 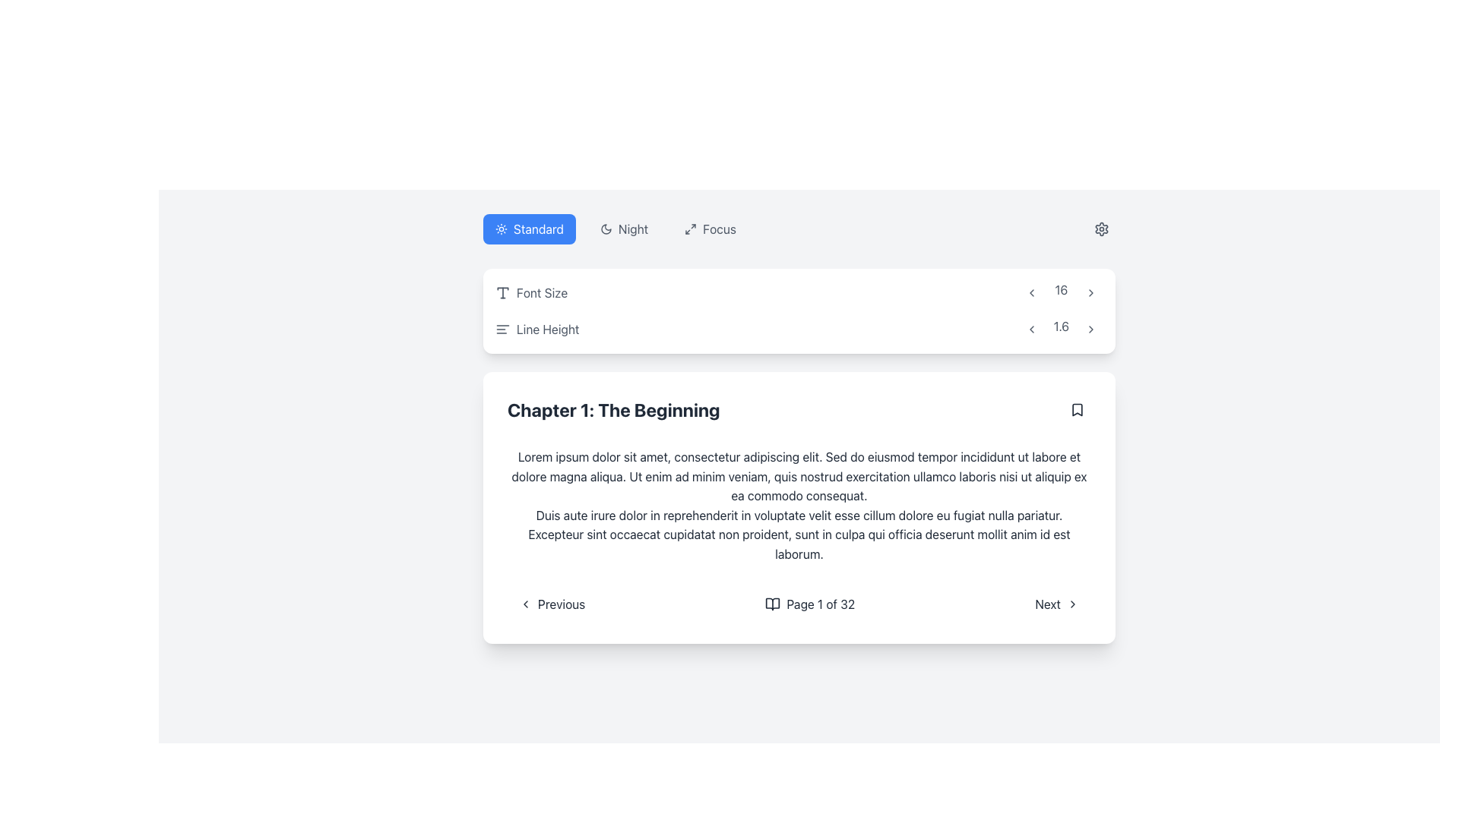 What do you see at coordinates (529, 229) in the screenshot?
I see `the leftmost button labeled 'Standard' in the toolbar to trigger a tooltip or highlight effect` at bounding box center [529, 229].